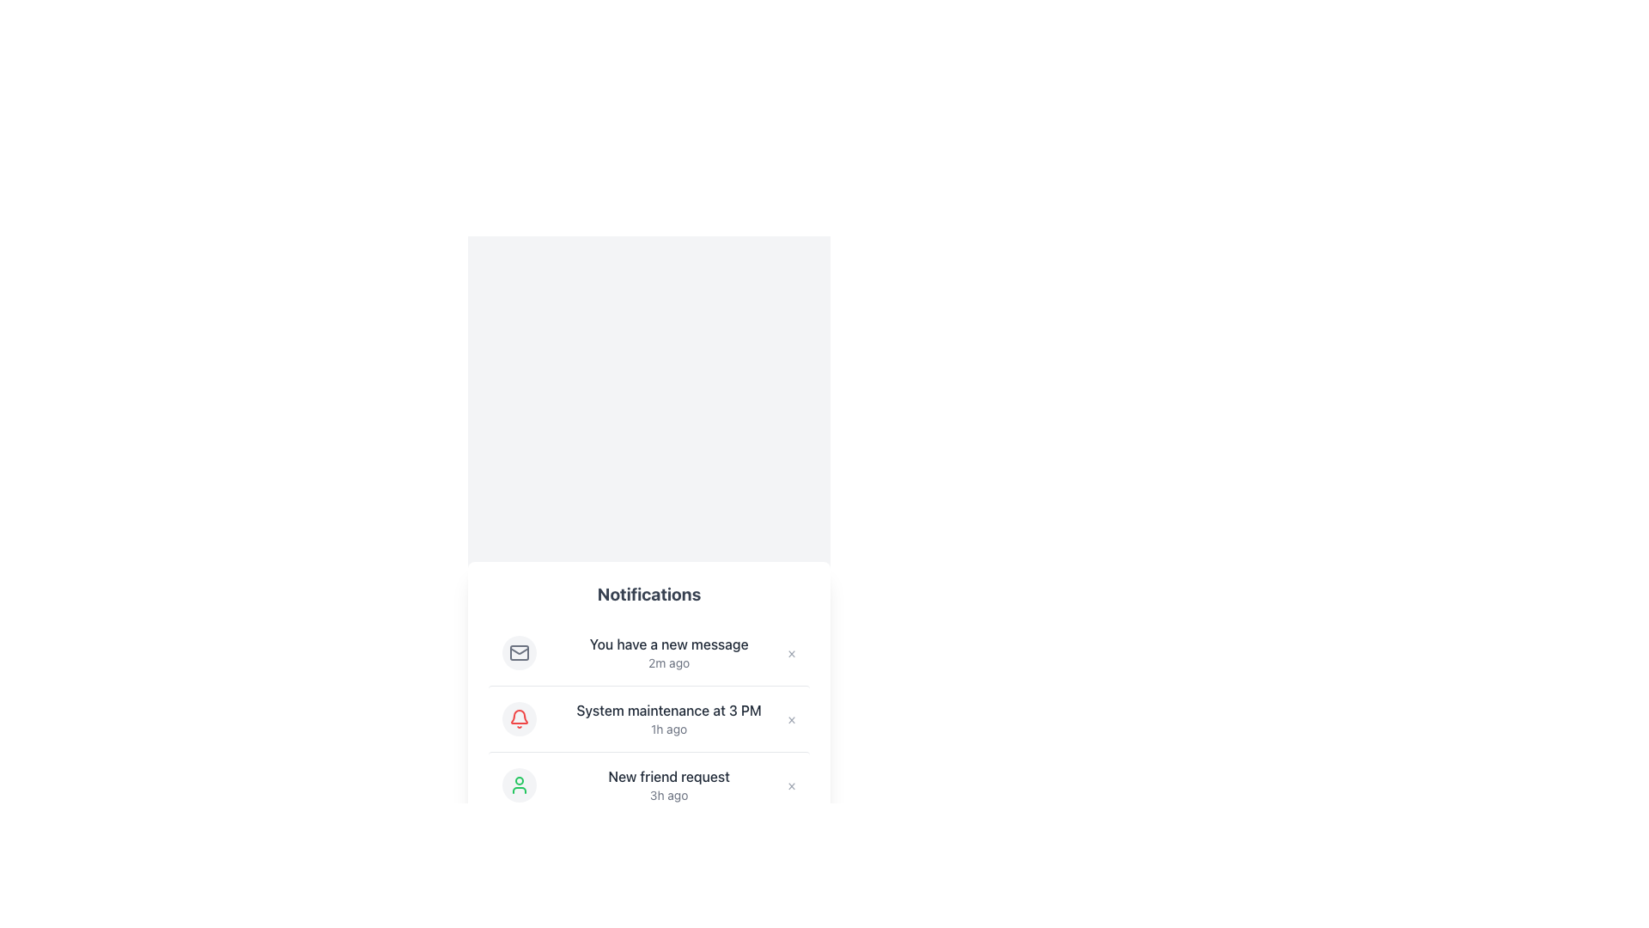  Describe the element at coordinates (518, 652) in the screenshot. I see `the graphical rectangle element that is part of the mail icon within the notification labeled 'You have a new message'` at that location.